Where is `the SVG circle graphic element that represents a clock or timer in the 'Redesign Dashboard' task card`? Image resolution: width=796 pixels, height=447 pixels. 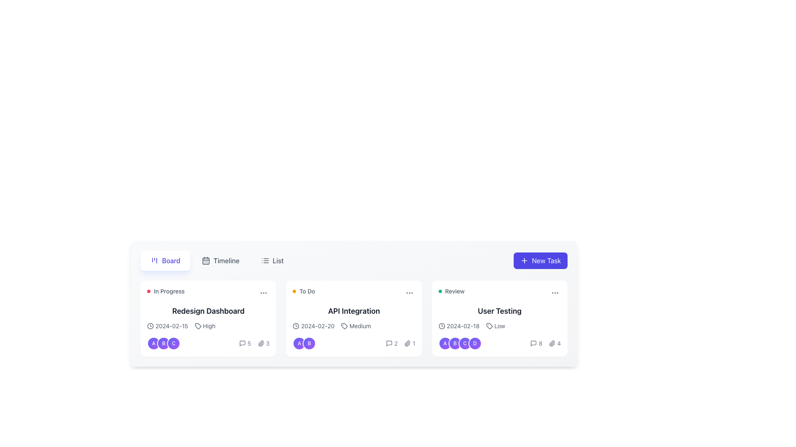 the SVG circle graphic element that represents a clock or timer in the 'Redesign Dashboard' task card is located at coordinates (150, 325).